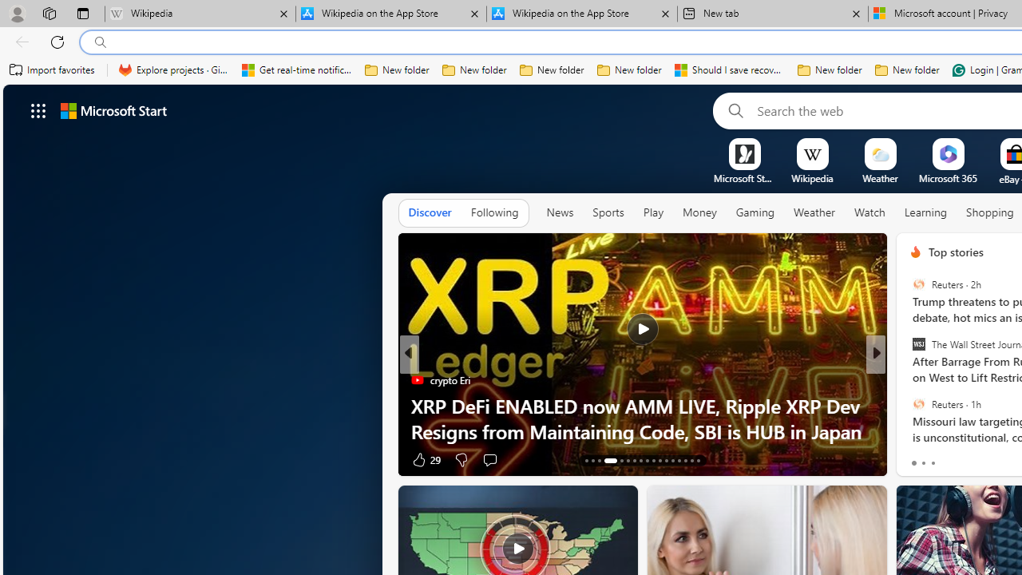 The height and width of the screenshot is (575, 1022). Describe the element at coordinates (660, 461) in the screenshot. I see `'AutomationID: tab-23'` at that location.